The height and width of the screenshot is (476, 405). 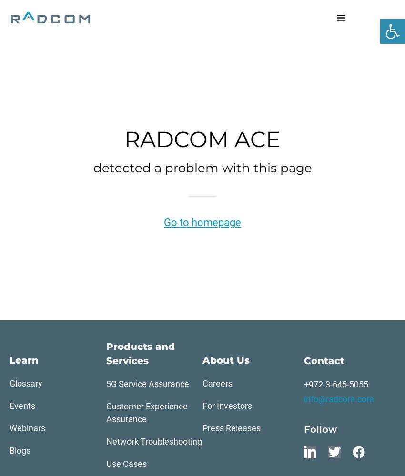 I want to click on 'Events', so click(x=22, y=405).